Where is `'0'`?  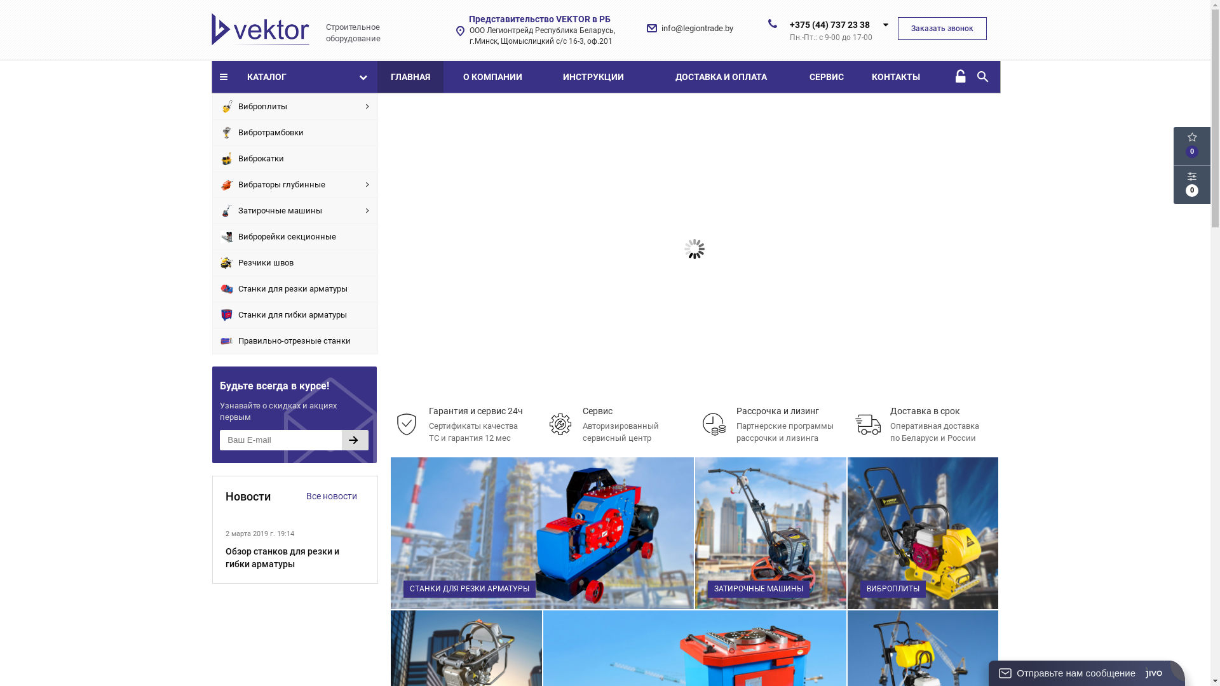
'0' is located at coordinates (1191, 145).